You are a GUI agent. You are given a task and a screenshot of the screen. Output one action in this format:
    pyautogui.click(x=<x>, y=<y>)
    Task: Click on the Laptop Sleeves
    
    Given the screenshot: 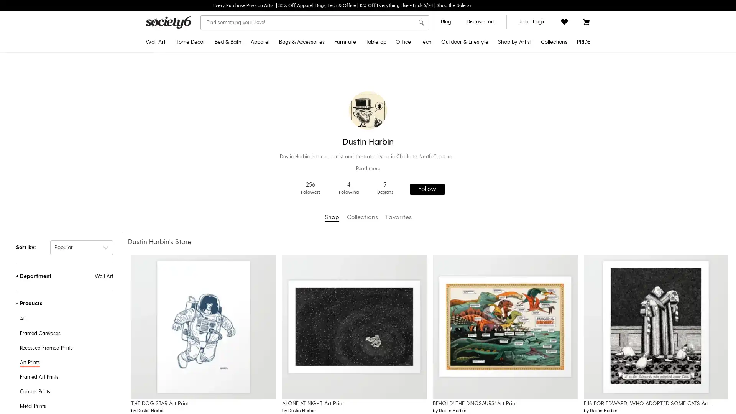 What is the action you would take?
    pyautogui.click(x=453, y=159)
    